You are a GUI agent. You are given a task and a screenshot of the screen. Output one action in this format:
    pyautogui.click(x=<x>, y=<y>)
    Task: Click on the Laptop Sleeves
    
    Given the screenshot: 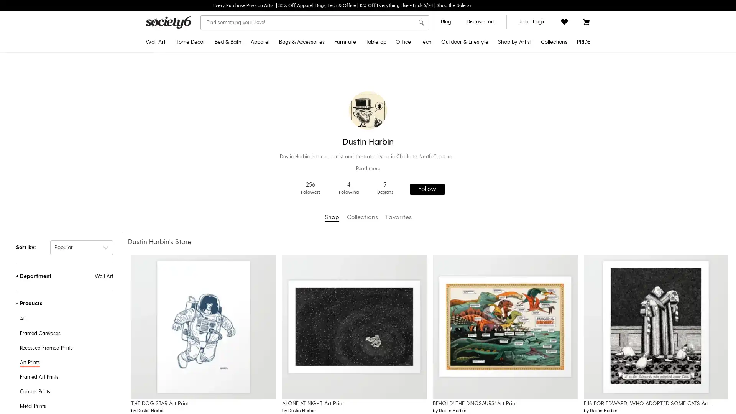 What is the action you would take?
    pyautogui.click(x=453, y=159)
    